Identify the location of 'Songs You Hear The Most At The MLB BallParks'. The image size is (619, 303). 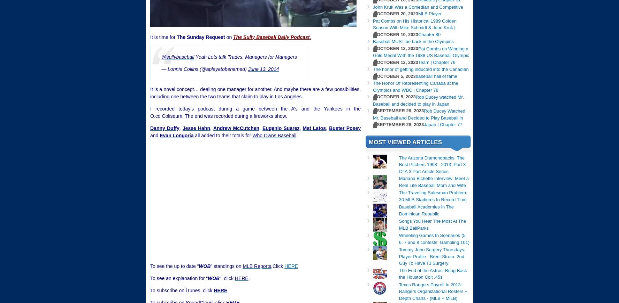
(398, 224).